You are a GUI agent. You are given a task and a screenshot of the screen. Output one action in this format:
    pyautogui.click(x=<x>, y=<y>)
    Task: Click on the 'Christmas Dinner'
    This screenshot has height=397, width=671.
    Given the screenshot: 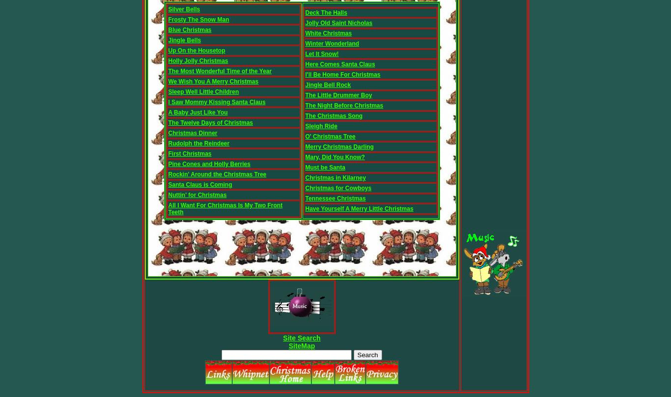 What is the action you would take?
    pyautogui.click(x=192, y=133)
    